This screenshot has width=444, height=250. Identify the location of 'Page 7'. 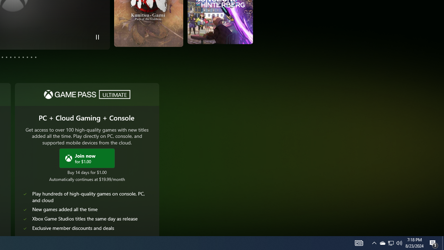
(15, 57).